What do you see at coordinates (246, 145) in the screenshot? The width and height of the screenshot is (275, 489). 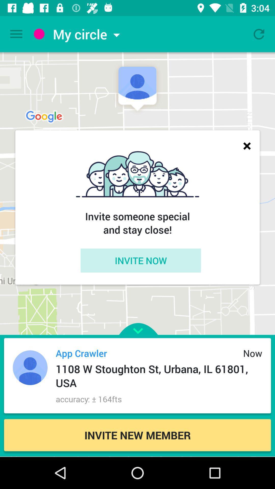 I see `close` at bounding box center [246, 145].